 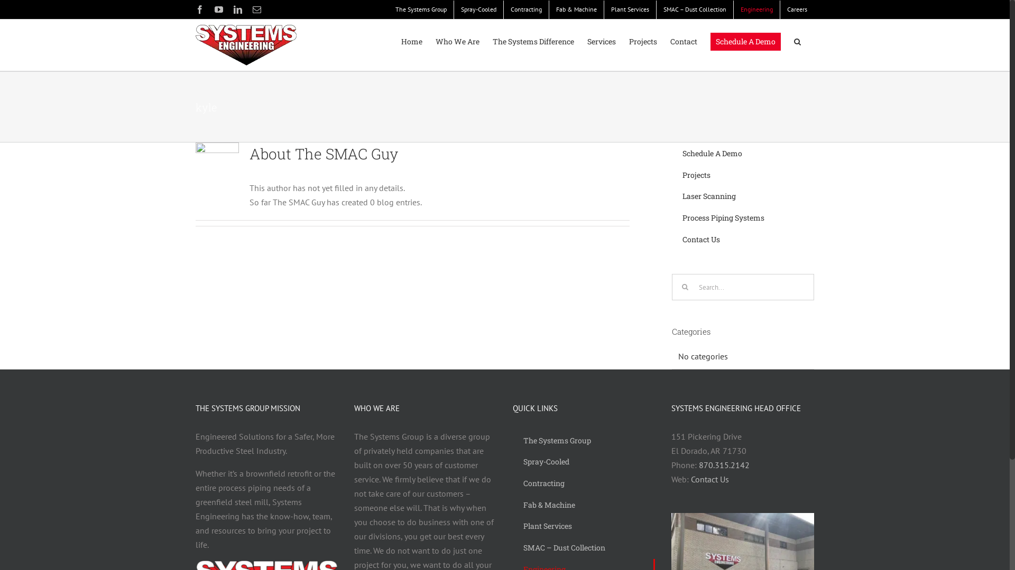 I want to click on 'YouTube', so click(x=218, y=9).